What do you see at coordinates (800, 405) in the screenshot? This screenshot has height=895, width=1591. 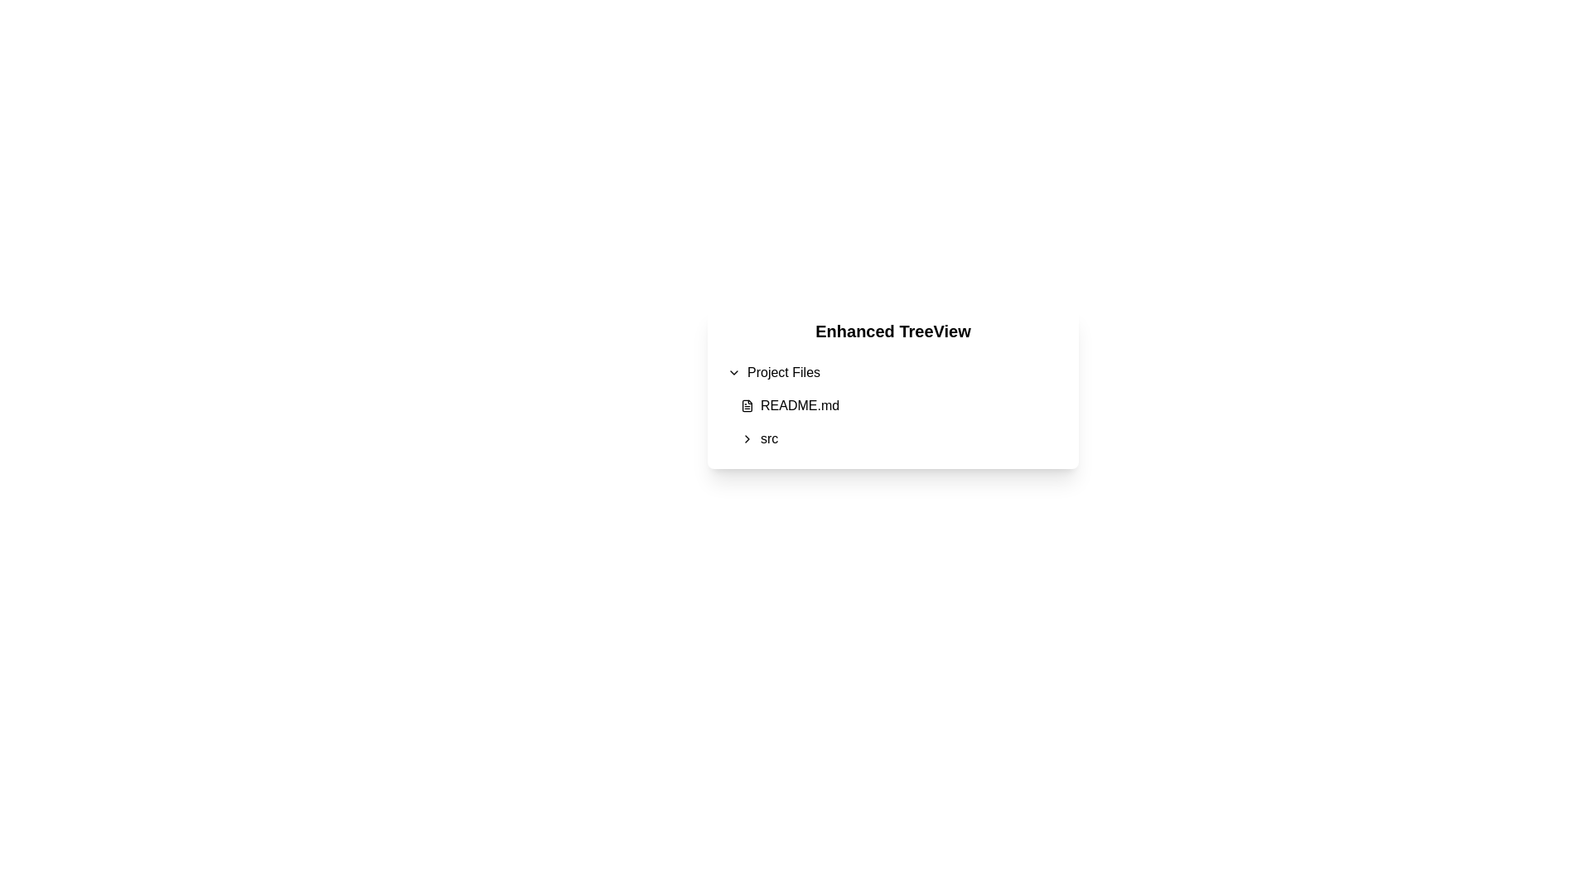 I see `the text label displaying 'README.md', which is aligned horizontally and located in the second position within the file entries in the file browser interface` at bounding box center [800, 405].